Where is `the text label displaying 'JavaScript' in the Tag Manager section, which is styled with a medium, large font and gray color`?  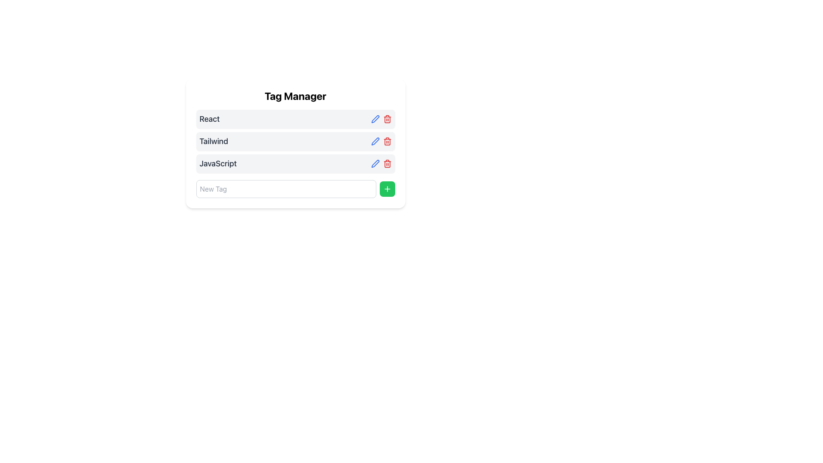
the text label displaying 'JavaScript' in the Tag Manager section, which is styled with a medium, large font and gray color is located at coordinates (218, 163).